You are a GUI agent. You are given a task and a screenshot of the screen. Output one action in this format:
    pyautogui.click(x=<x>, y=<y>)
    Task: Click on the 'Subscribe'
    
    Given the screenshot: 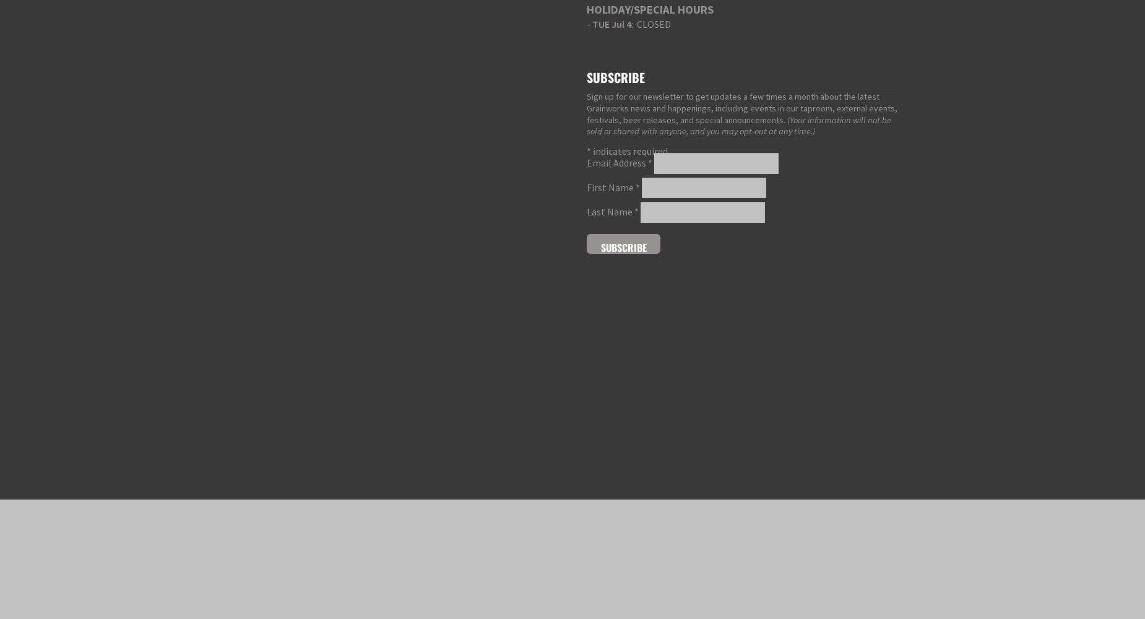 What is the action you would take?
    pyautogui.click(x=585, y=76)
    